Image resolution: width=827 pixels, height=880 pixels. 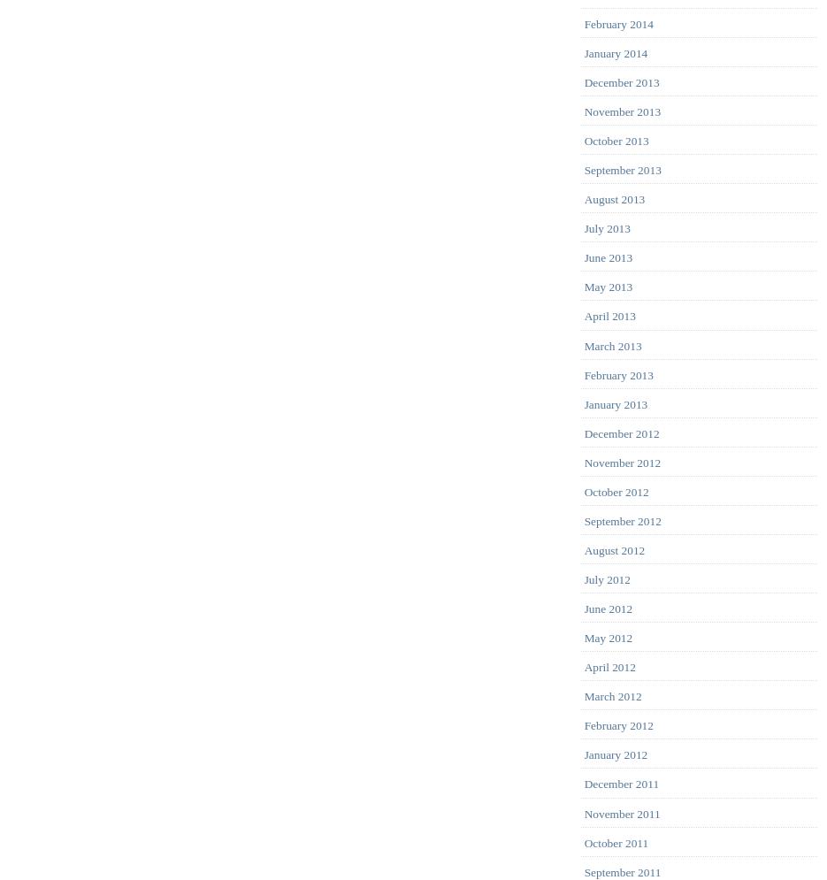 I want to click on 'November 2011', so click(x=584, y=813).